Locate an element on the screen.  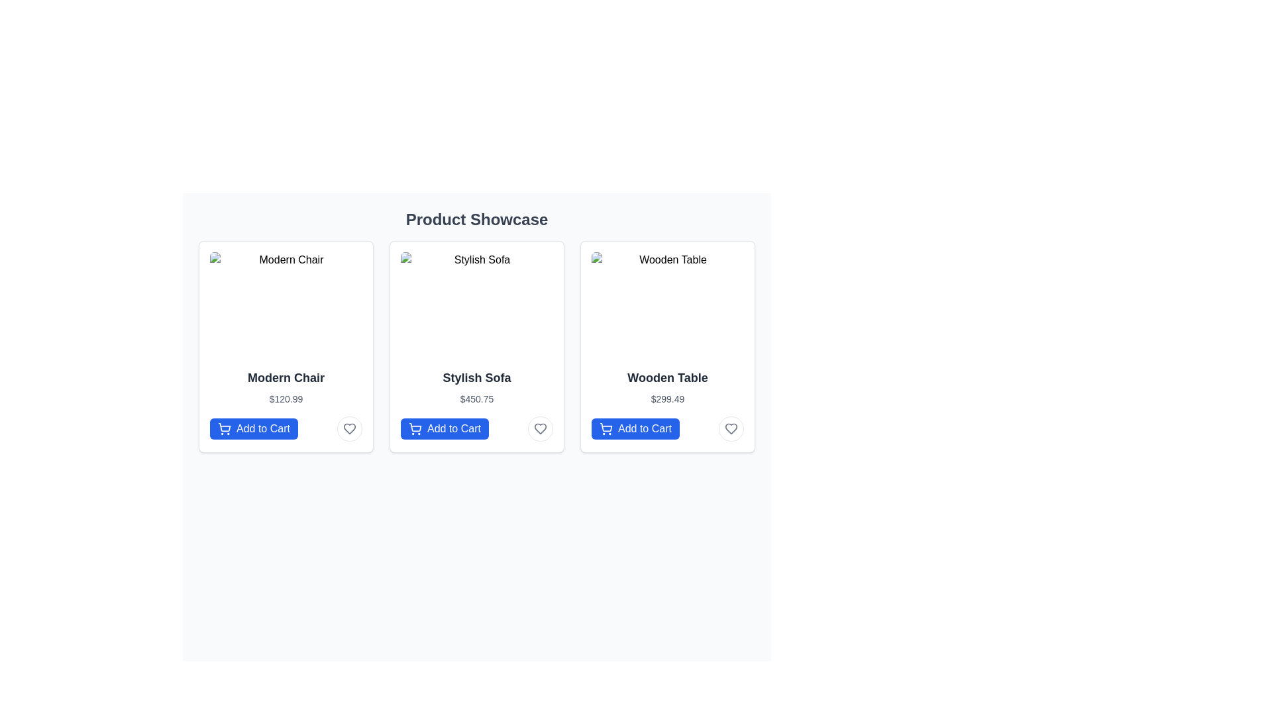
the shopping cart SVG icon that is part of the 'Add to Cart' button, positioned on the left side of the button text is located at coordinates (606, 429).